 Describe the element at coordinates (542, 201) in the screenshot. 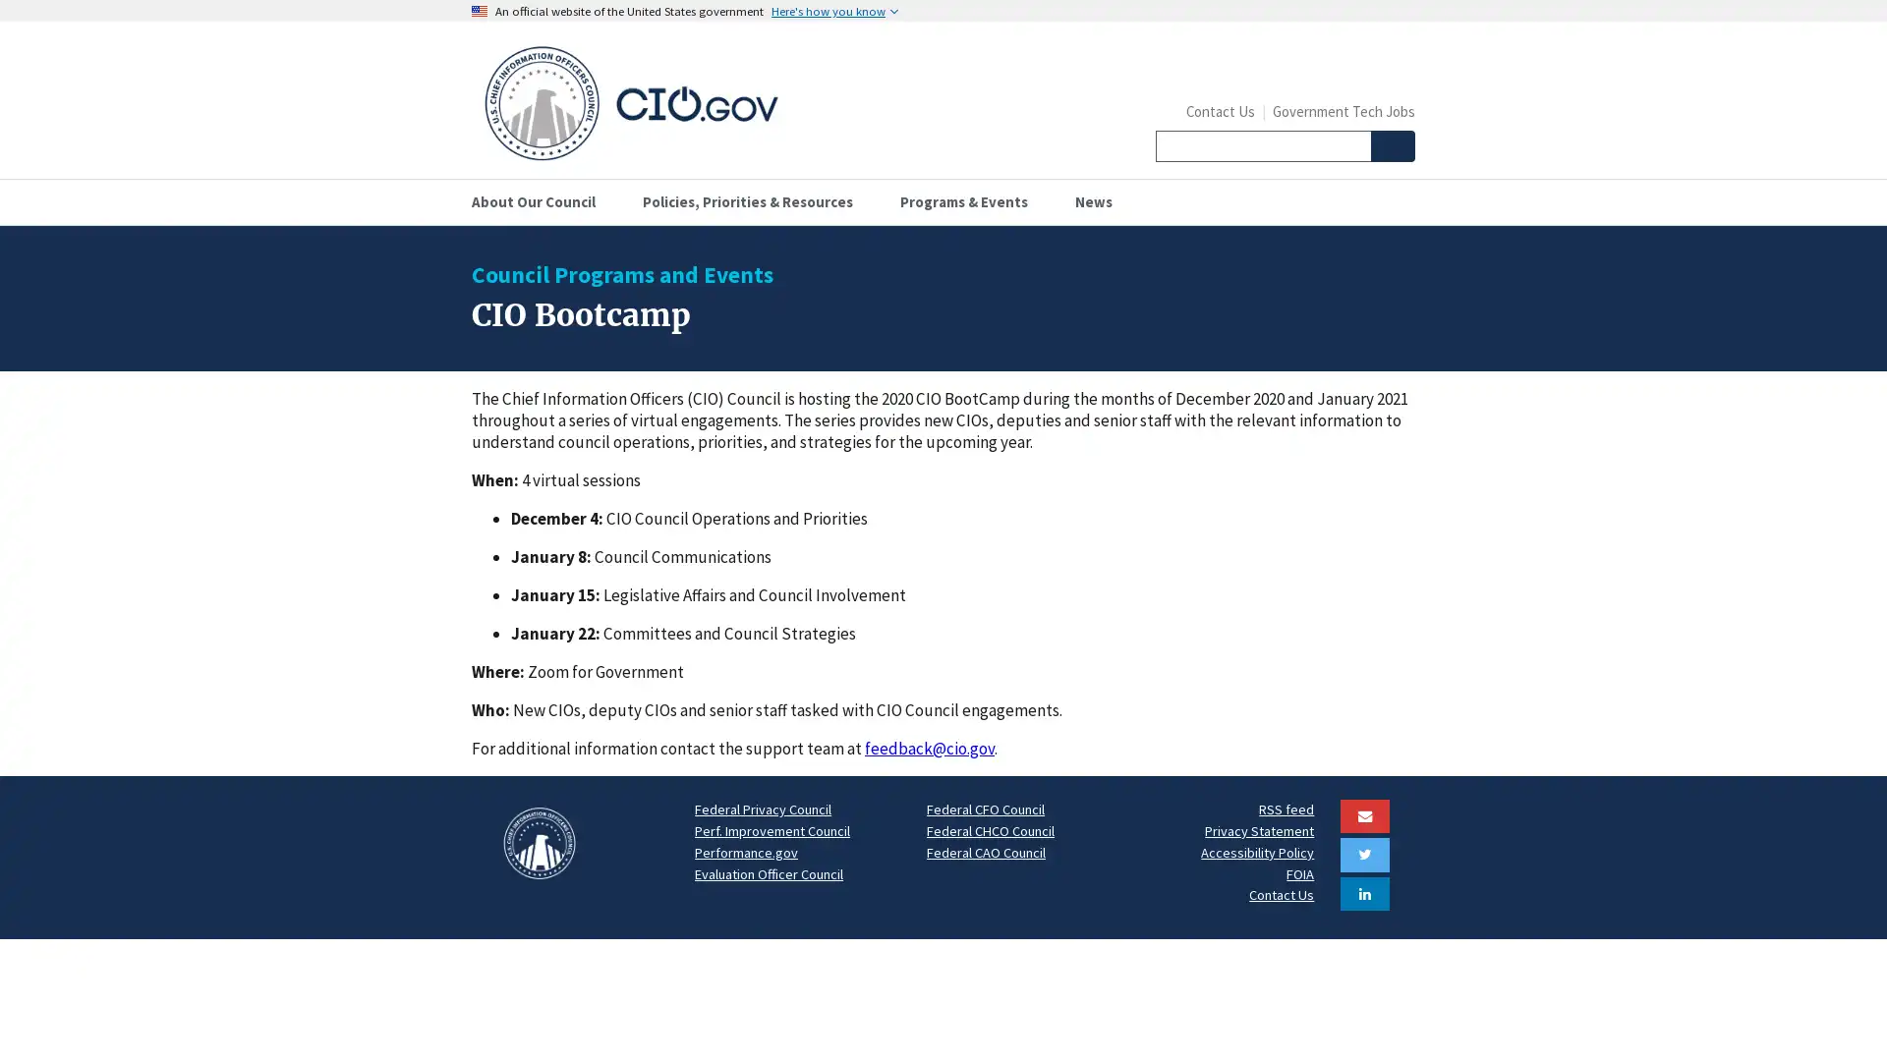

I see `About Our Council` at that location.